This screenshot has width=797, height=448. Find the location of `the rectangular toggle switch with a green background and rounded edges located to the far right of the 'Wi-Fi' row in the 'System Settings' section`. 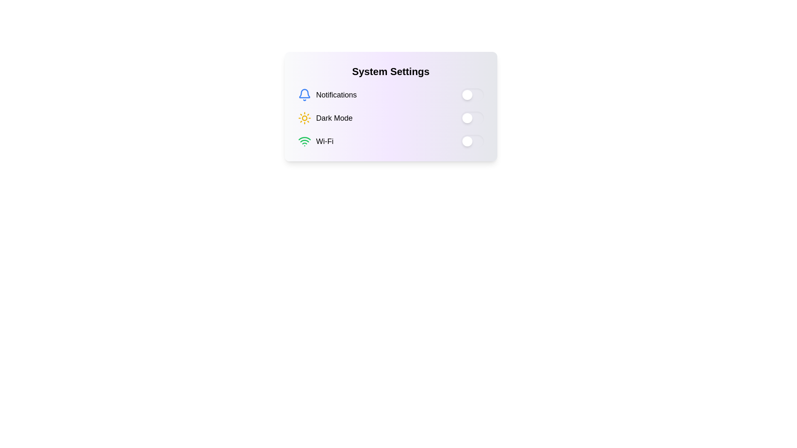

the rectangular toggle switch with a green background and rounded edges located to the far right of the 'Wi-Fi' row in the 'System Settings' section is located at coordinates (472, 141).